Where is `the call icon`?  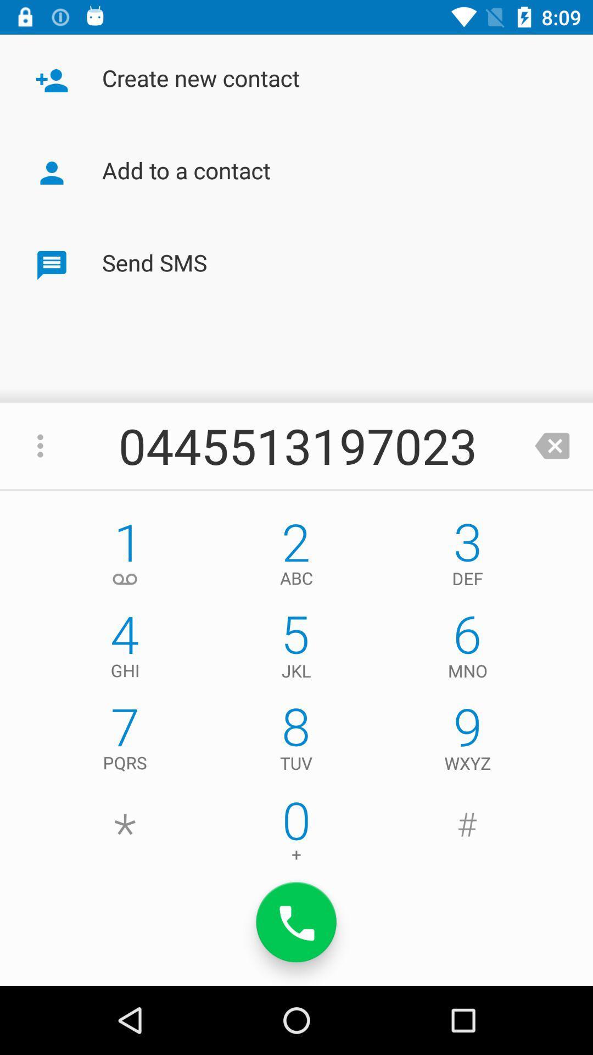
the call icon is located at coordinates (296, 922).